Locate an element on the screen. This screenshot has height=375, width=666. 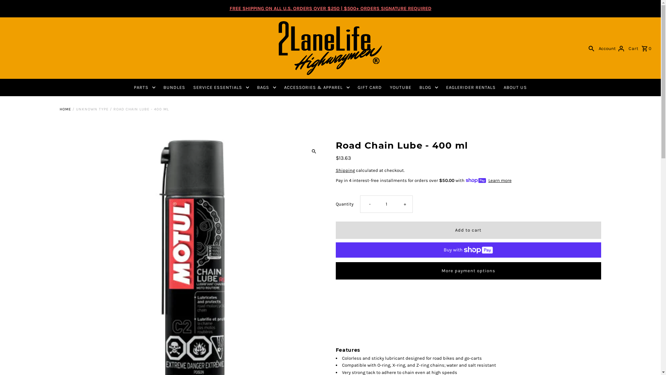
'ABOUT US' is located at coordinates (515, 87).